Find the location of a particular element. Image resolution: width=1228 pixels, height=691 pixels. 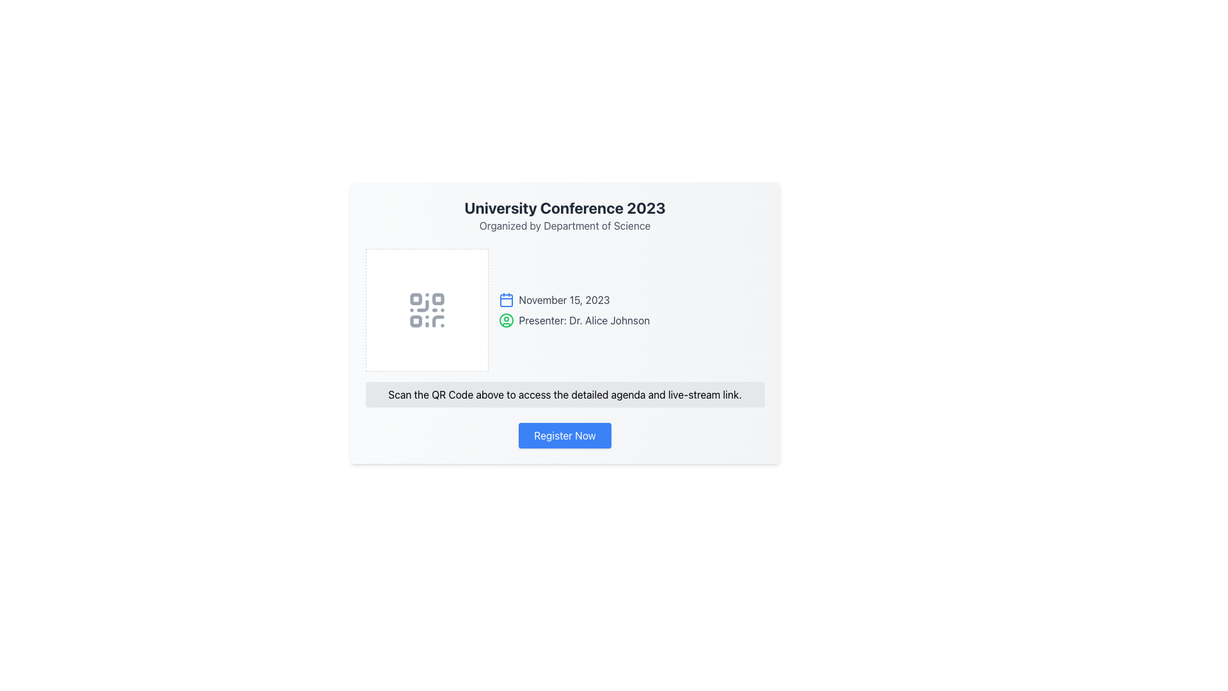

text 'University Conference 2023' displayed in bold, large, sans-serif font at the top section of the interface is located at coordinates (564, 207).